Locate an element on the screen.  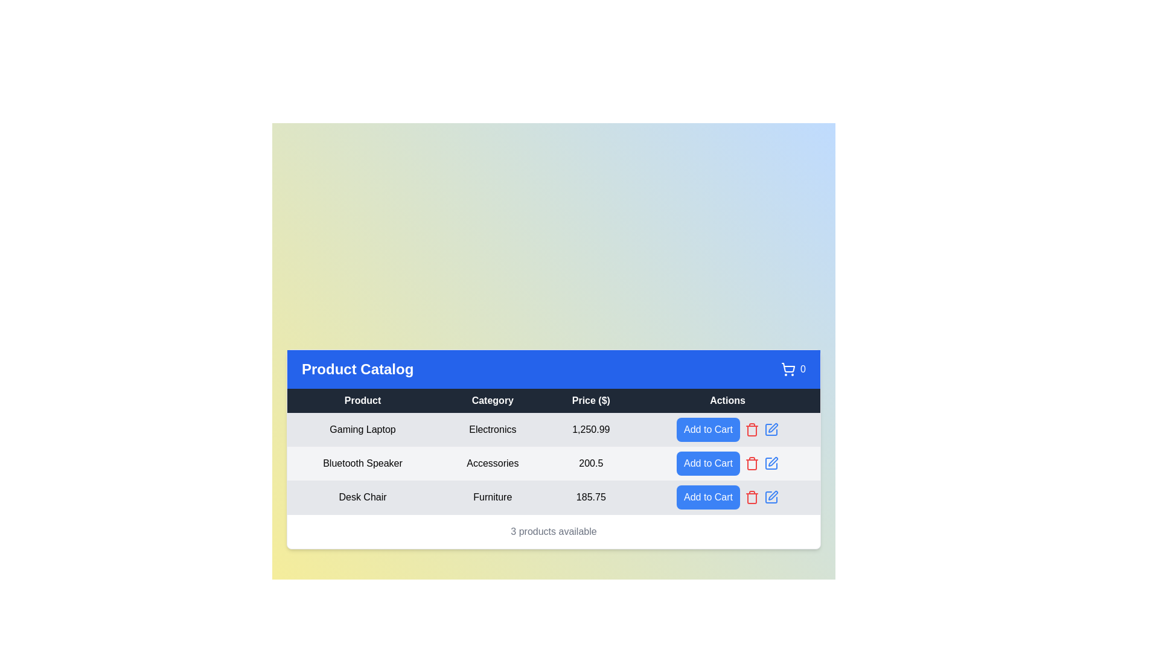
the delete icon button located in the 'Actions' column, to the right of the 'Add to Cart' button for the 'Bluetooth Speaker' product entry is located at coordinates (751, 462).